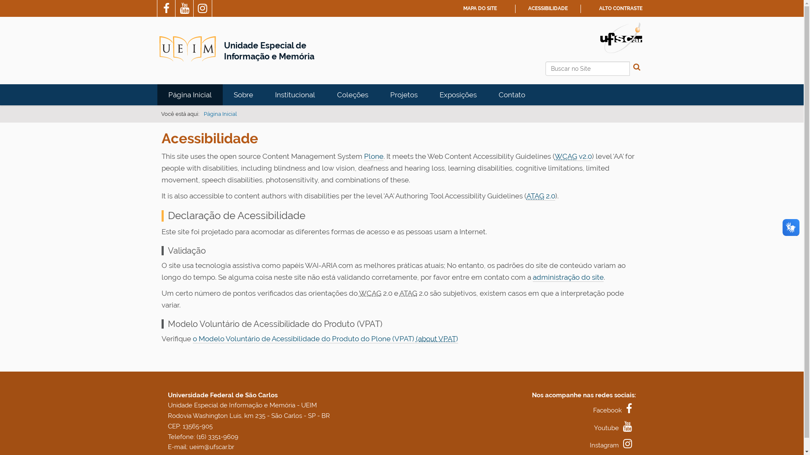  What do you see at coordinates (599, 37) in the screenshot?
I see `'Portal UFSCar'` at bounding box center [599, 37].